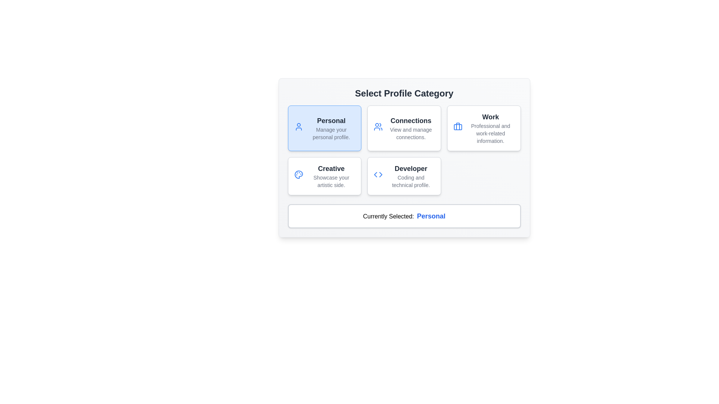 The image size is (719, 404). I want to click on the Text Label that serves as the title for the 'Developer' profile category located in the lower-right section of the 'Select Profile Category' interface, so click(410, 169).